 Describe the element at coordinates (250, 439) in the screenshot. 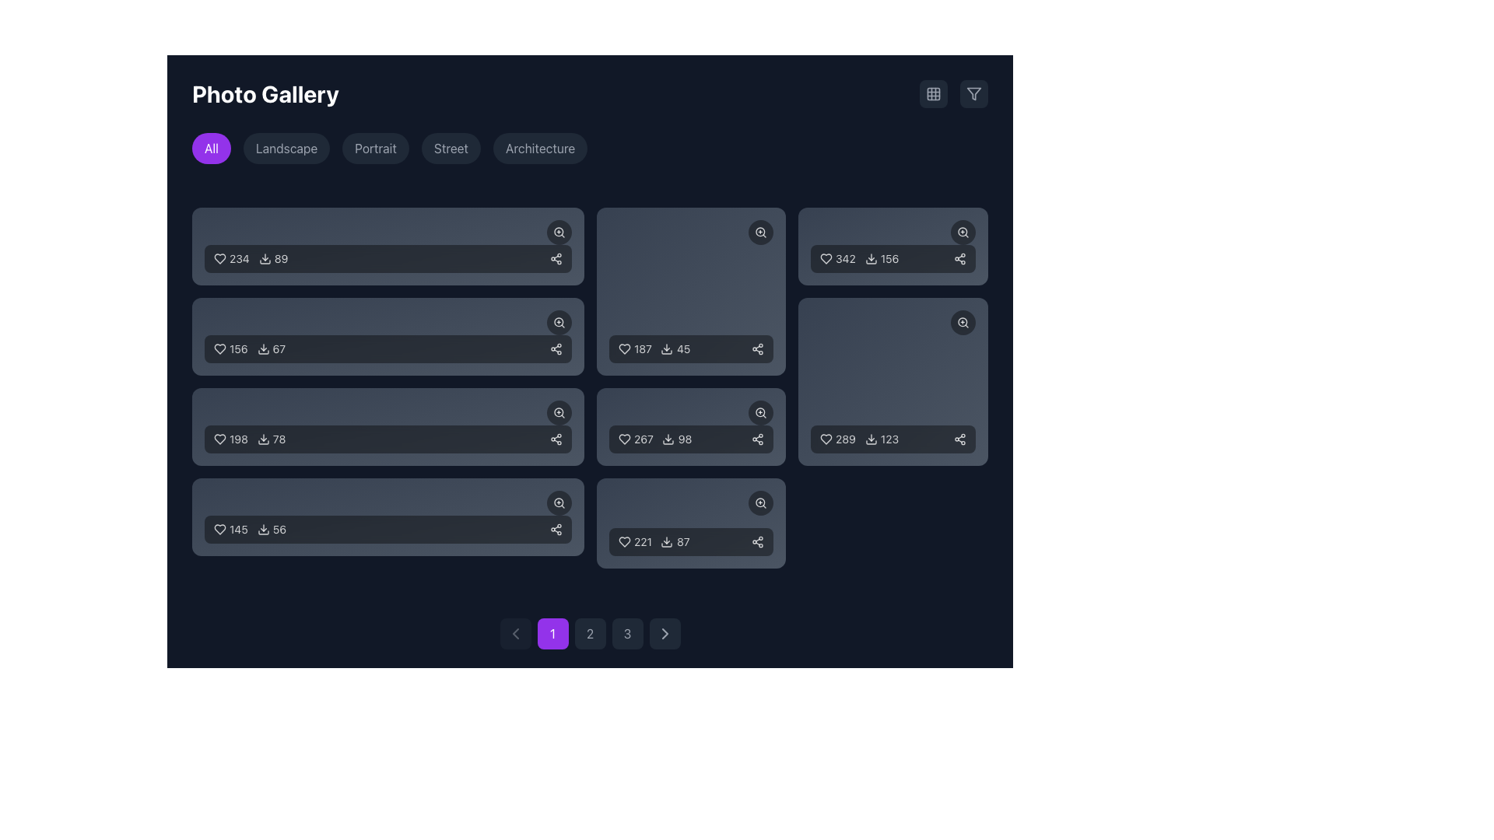

I see `the popularity metrics display element, which includes a heart icon for likes and a download icon for downloads, located in the third row of a grid layout` at that location.